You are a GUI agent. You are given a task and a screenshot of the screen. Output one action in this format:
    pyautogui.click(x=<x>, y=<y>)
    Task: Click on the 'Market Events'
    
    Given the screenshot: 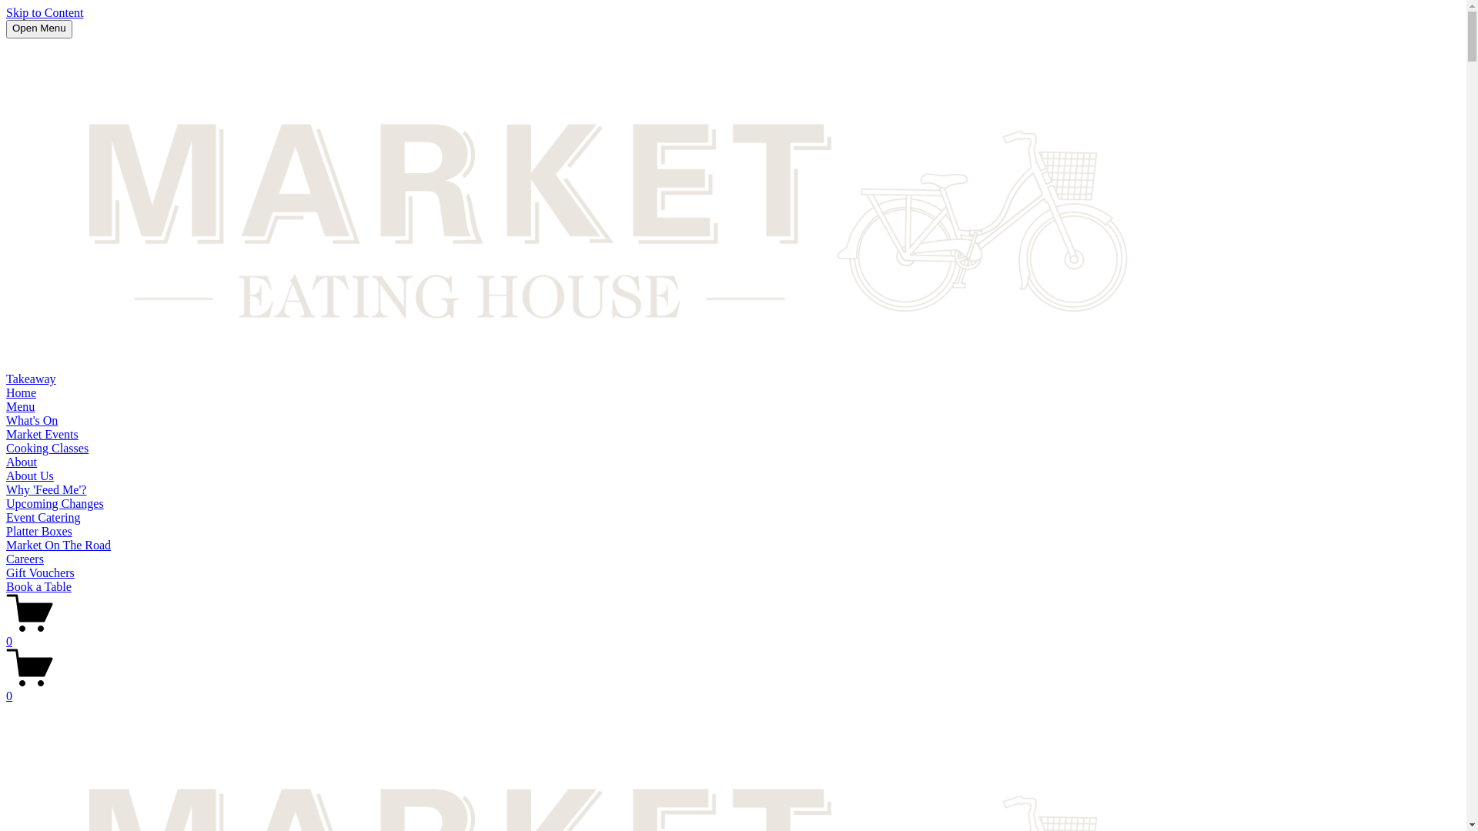 What is the action you would take?
    pyautogui.click(x=6, y=434)
    